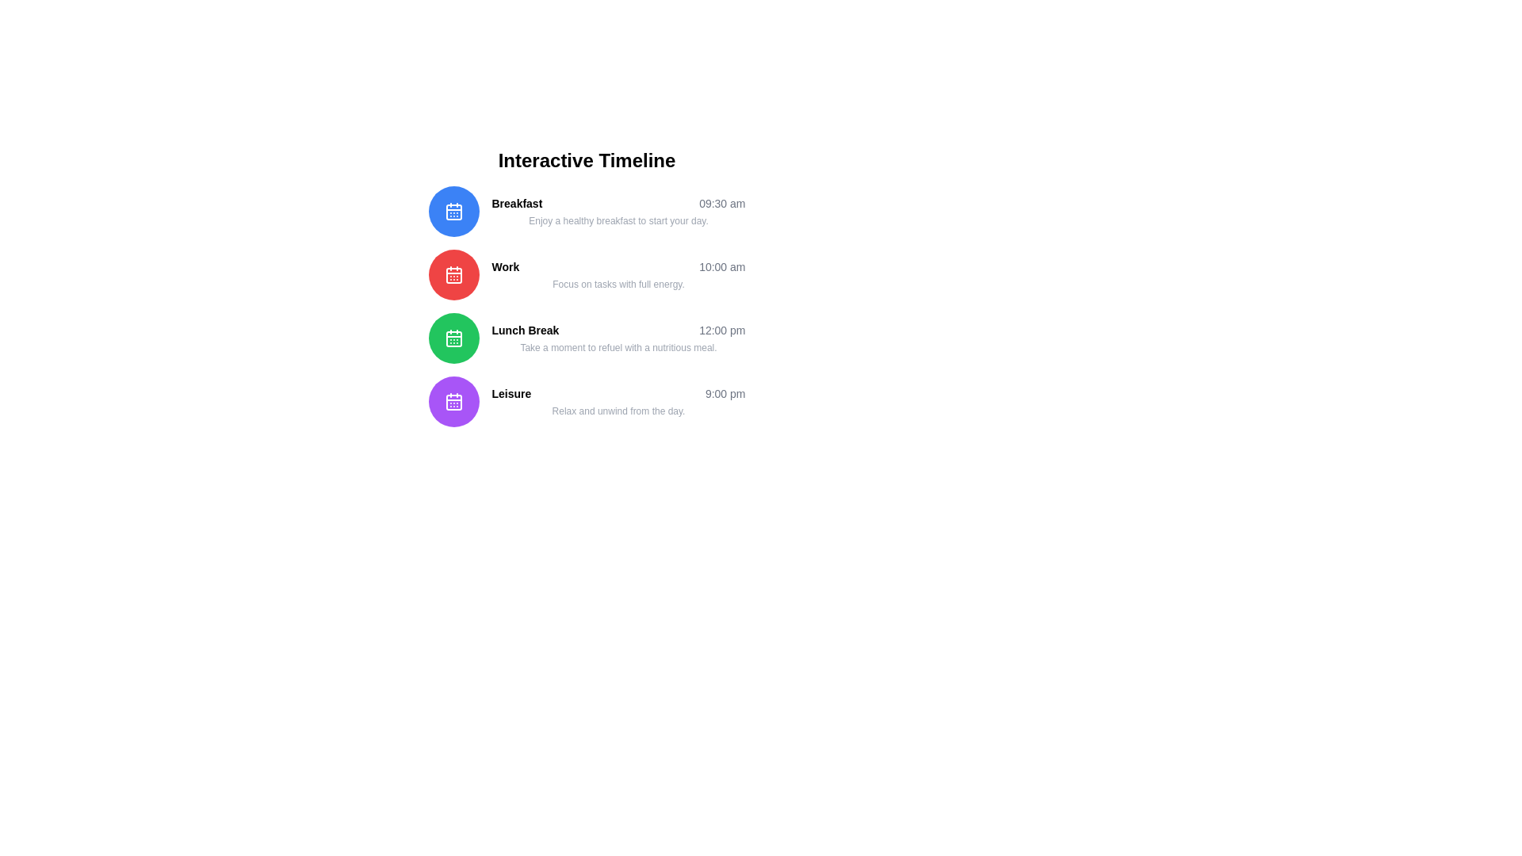 Image resolution: width=1522 pixels, height=856 pixels. What do you see at coordinates (453, 274) in the screenshot?
I see `the calendar icon with a minimalistic design, which is the second in a vertical sequence of four elements, positioned to the left of the 'Work' label` at bounding box center [453, 274].